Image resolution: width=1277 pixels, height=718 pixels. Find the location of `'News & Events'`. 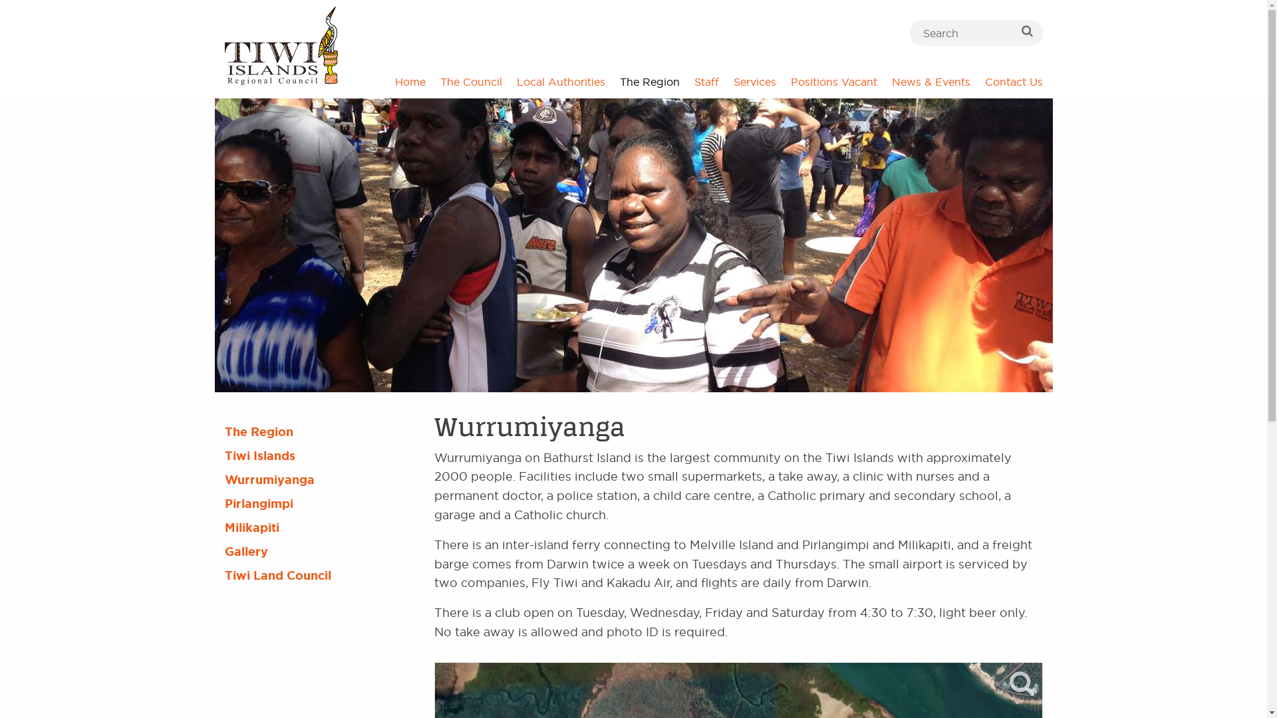

'News & Events' is located at coordinates (930, 82).